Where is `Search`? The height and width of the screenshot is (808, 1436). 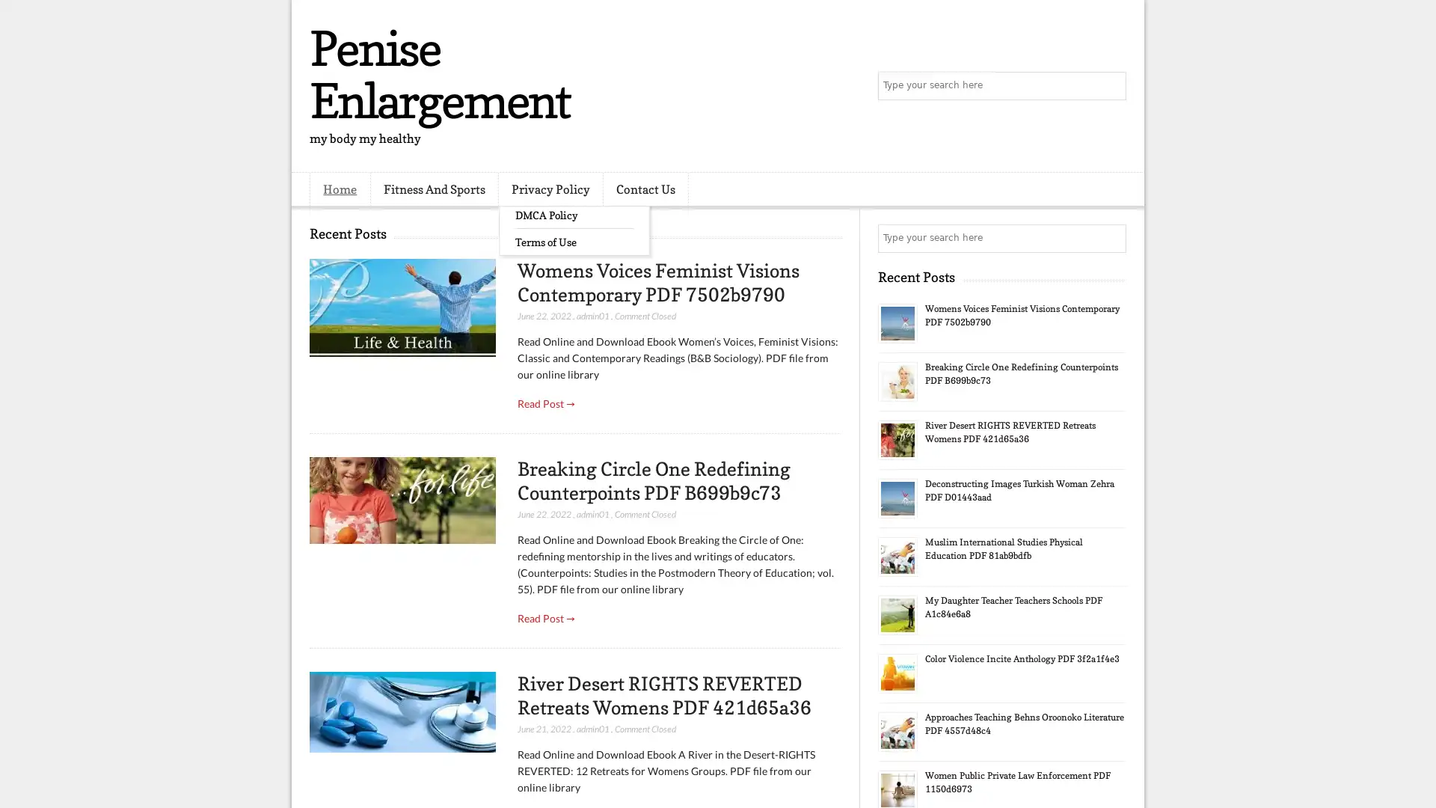
Search is located at coordinates (1111, 238).